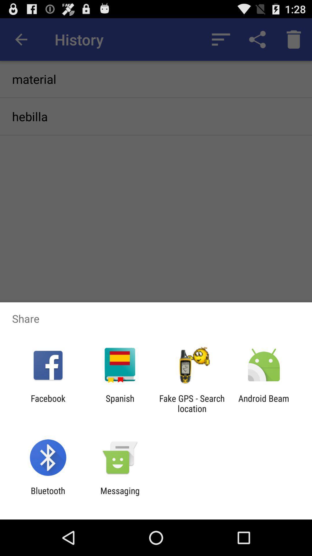 The width and height of the screenshot is (312, 556). What do you see at coordinates (48, 403) in the screenshot?
I see `the facebook item` at bounding box center [48, 403].